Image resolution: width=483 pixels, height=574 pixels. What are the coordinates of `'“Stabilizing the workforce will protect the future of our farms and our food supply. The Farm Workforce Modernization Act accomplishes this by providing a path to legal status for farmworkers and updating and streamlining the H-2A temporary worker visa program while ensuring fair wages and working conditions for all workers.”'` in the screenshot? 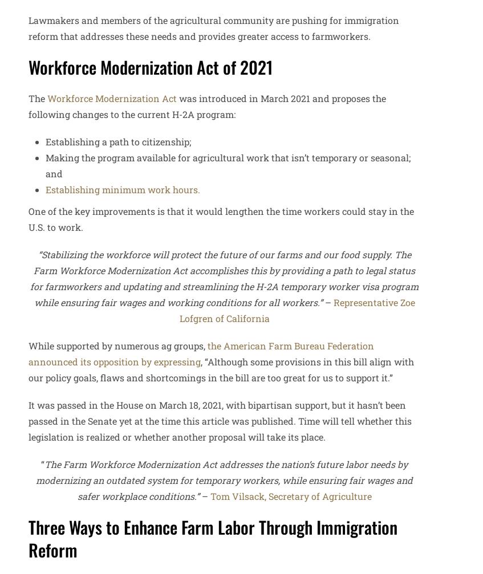 It's located at (224, 278).